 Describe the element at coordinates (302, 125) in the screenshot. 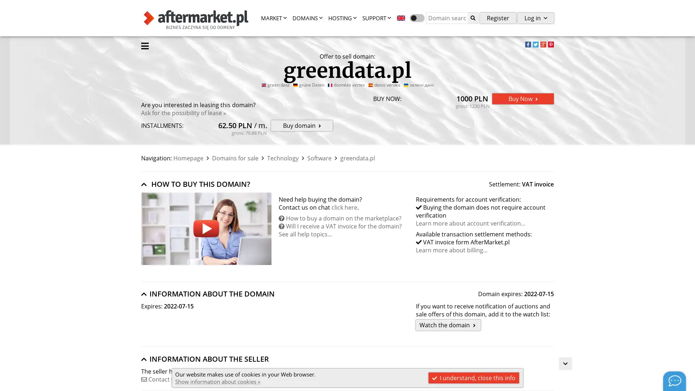

I see `Buy domain` at that location.